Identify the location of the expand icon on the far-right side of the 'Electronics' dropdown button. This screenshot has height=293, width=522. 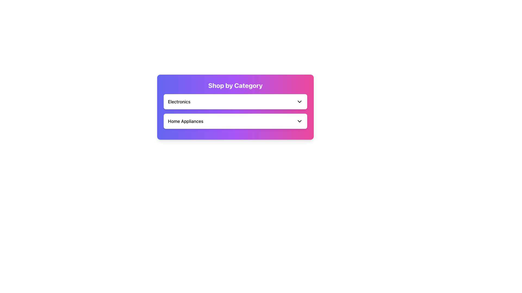
(299, 101).